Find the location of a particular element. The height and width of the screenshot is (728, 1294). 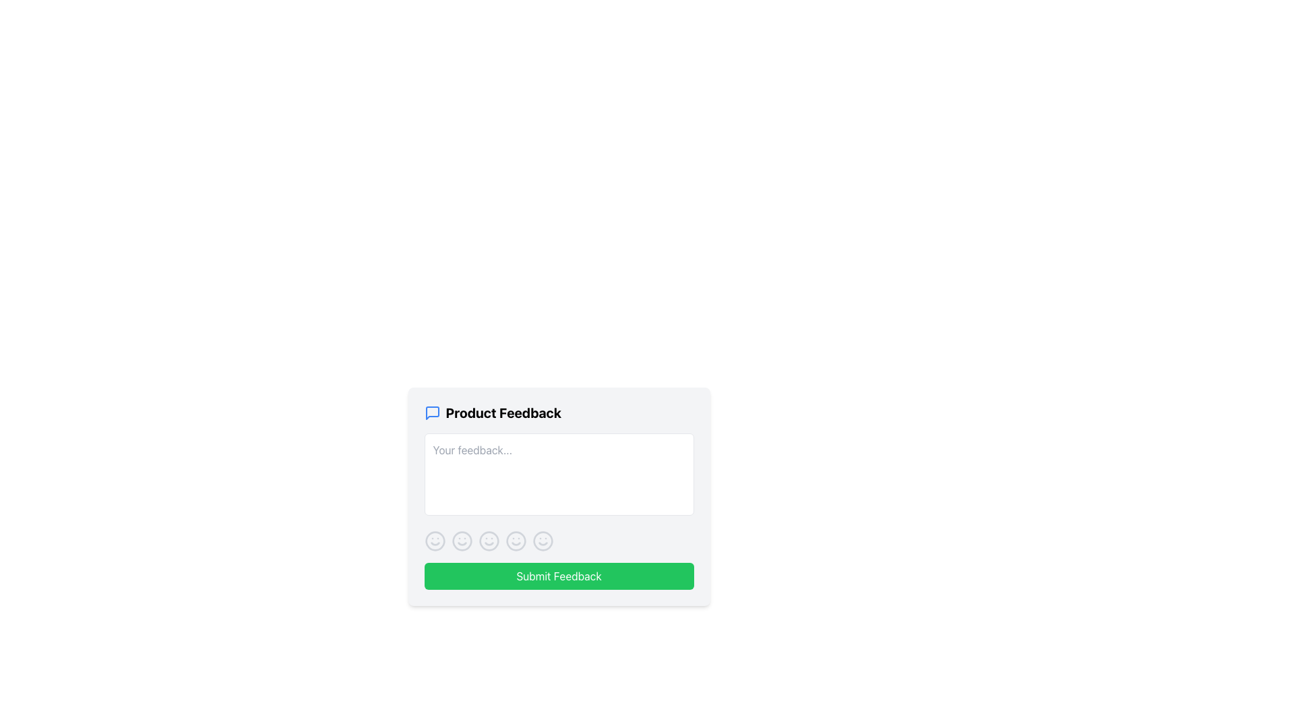

the Circle element within the smiley icon, which is part of the feedback form, to indicate a selectable feedback option is located at coordinates (515, 540).